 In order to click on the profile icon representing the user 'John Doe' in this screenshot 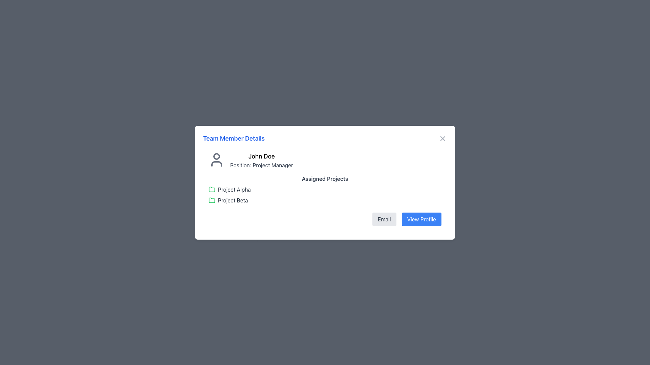, I will do `click(216, 160)`.